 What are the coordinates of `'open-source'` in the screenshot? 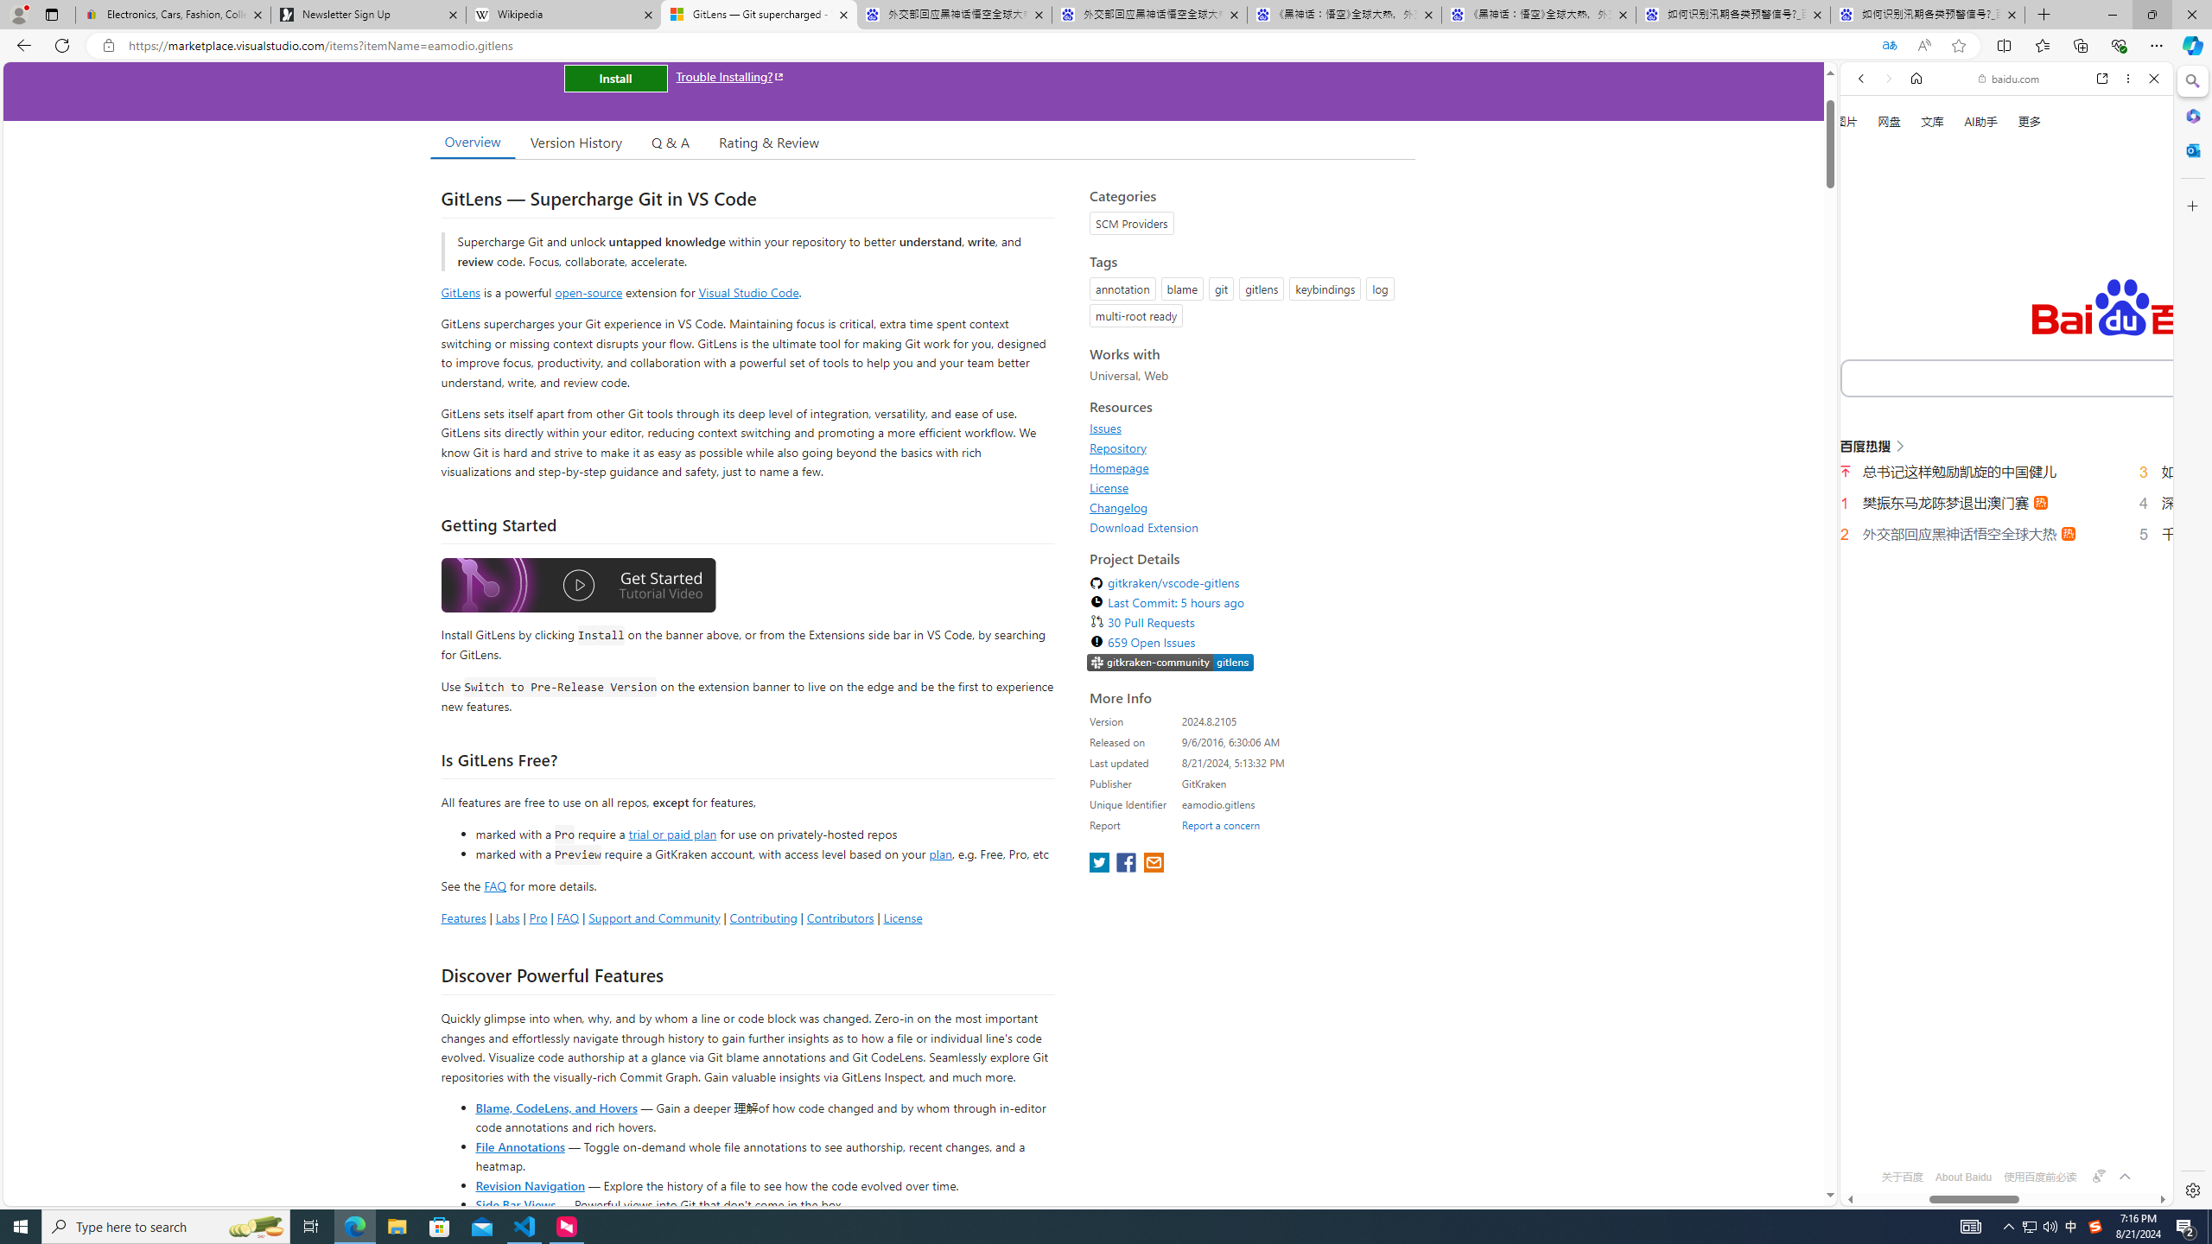 It's located at (588, 291).